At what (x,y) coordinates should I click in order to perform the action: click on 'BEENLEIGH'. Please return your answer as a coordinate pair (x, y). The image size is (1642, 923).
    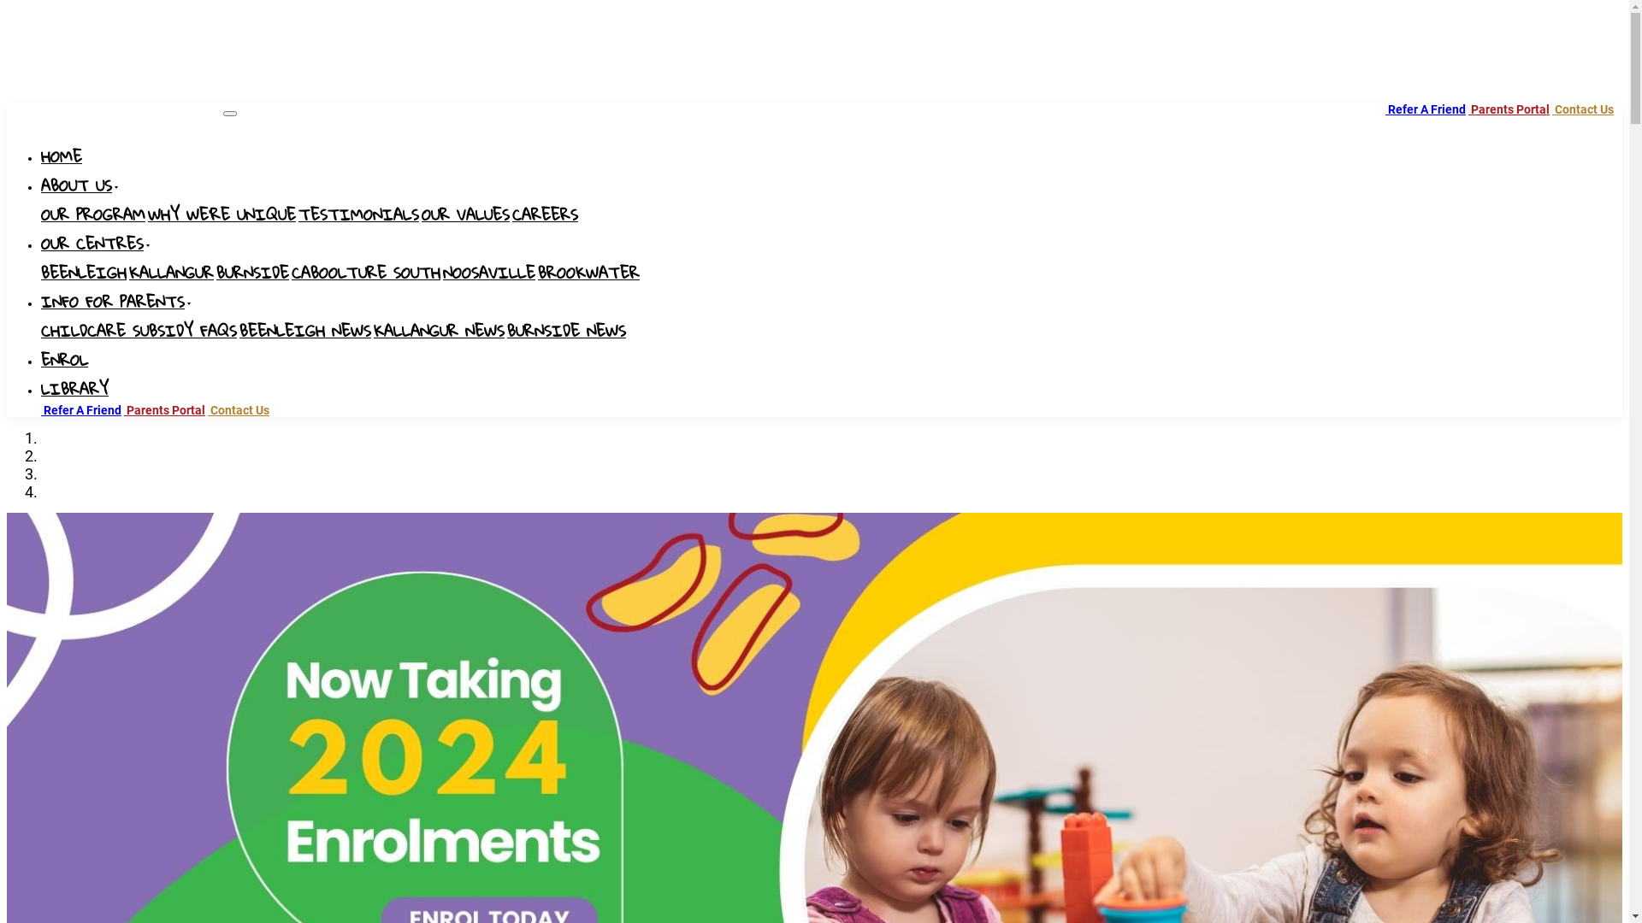
    Looking at the image, I should click on (82, 273).